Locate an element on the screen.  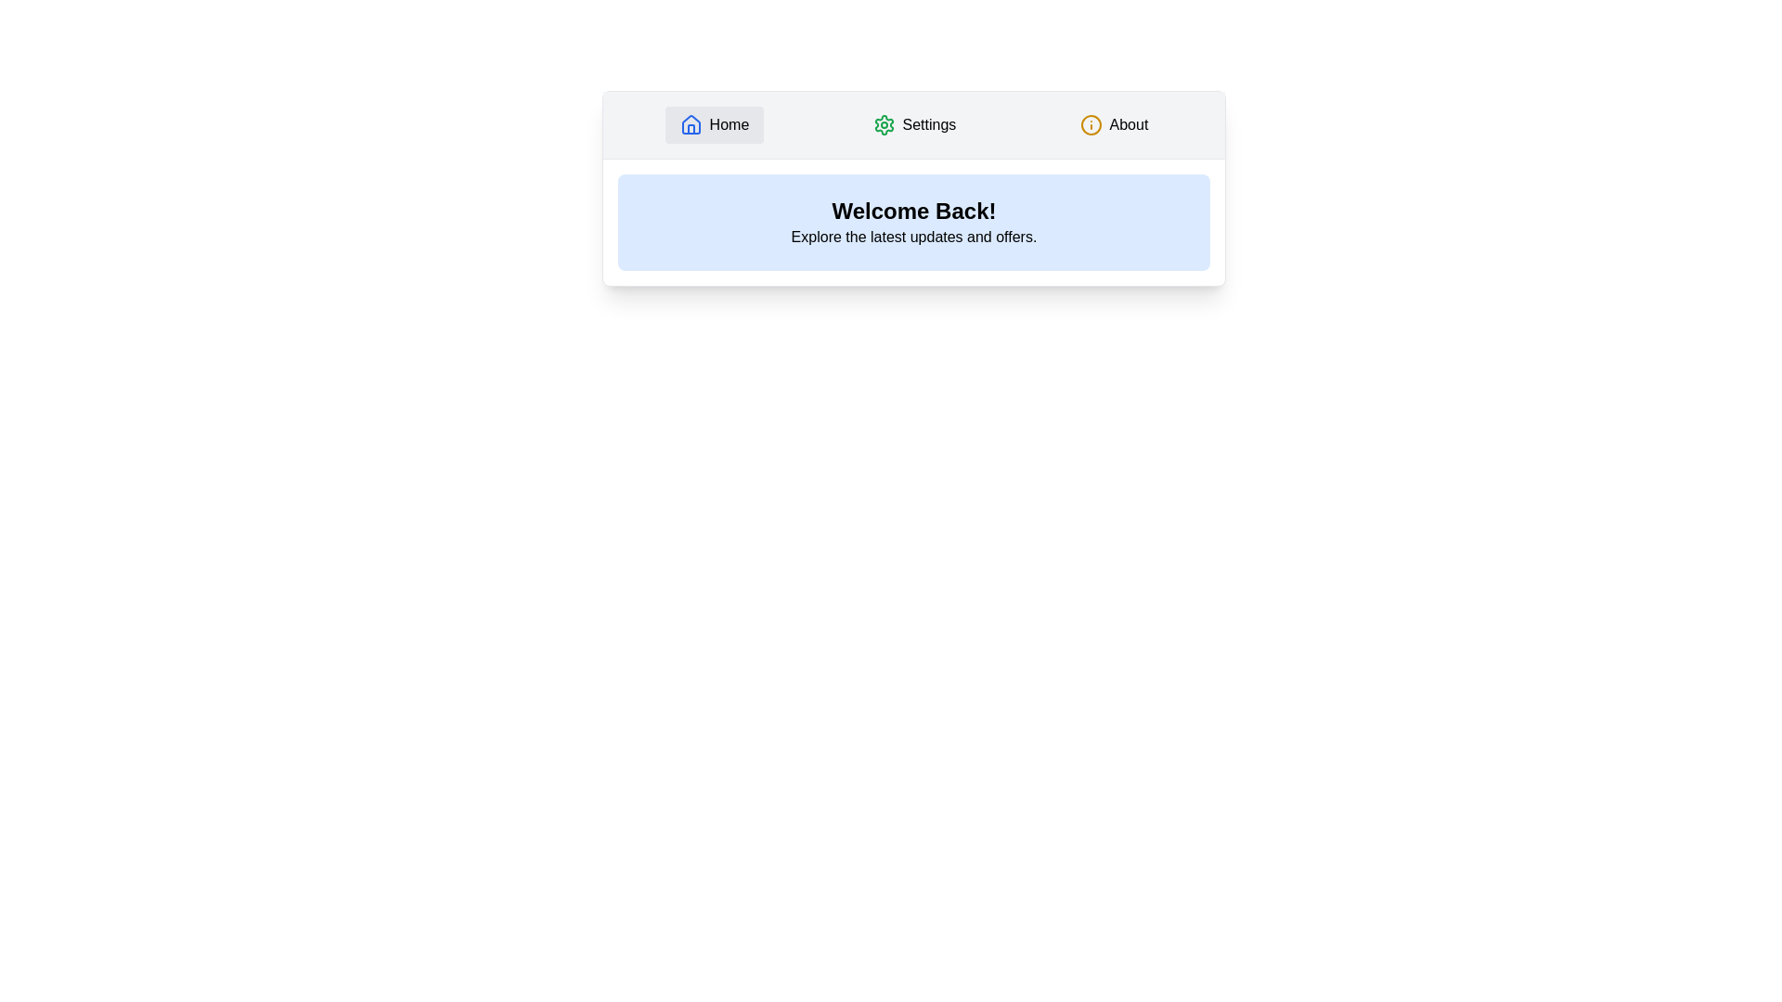
the Home tab to view its content is located at coordinates (713, 125).